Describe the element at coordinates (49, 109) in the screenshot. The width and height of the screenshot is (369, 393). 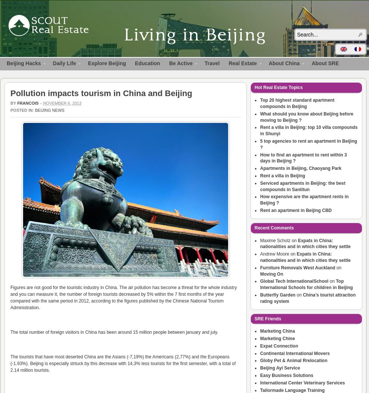
I see `'Beijing News'` at that location.